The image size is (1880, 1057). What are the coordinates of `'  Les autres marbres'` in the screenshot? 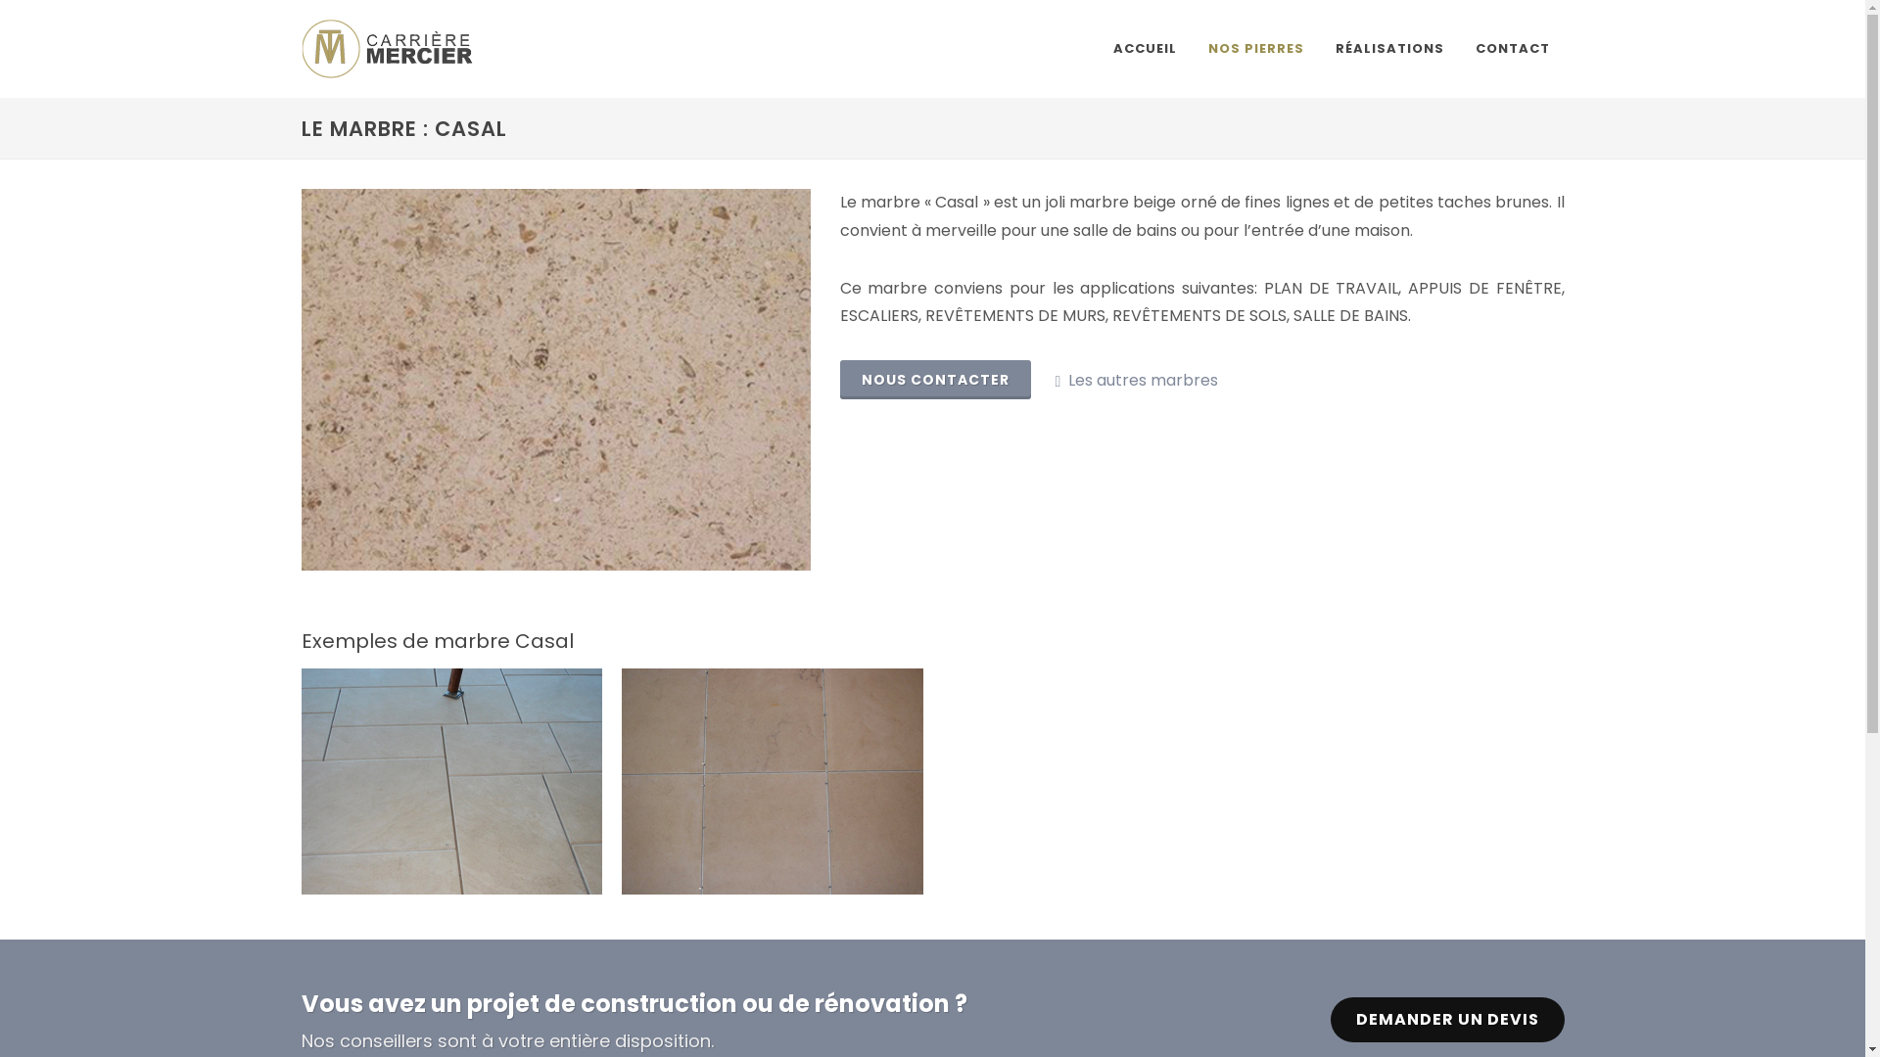 It's located at (1136, 381).